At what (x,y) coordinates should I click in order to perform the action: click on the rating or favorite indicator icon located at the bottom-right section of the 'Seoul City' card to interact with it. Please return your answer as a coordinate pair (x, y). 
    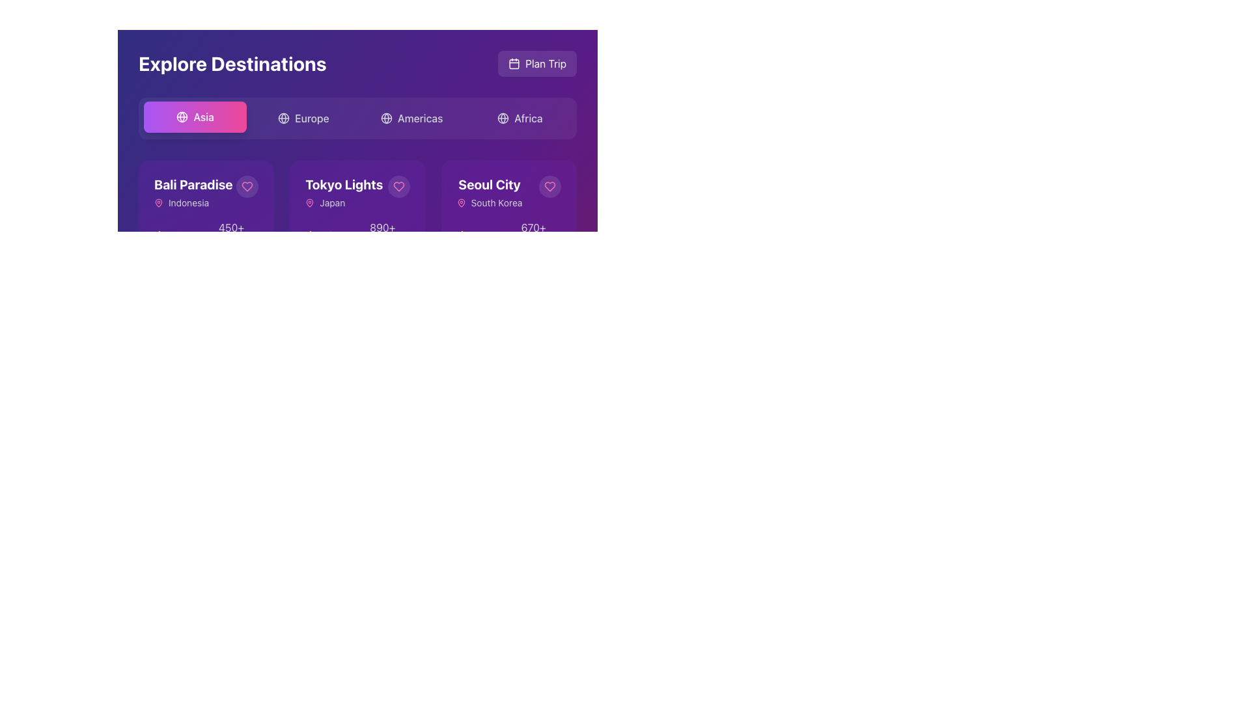
    Looking at the image, I should click on (462, 235).